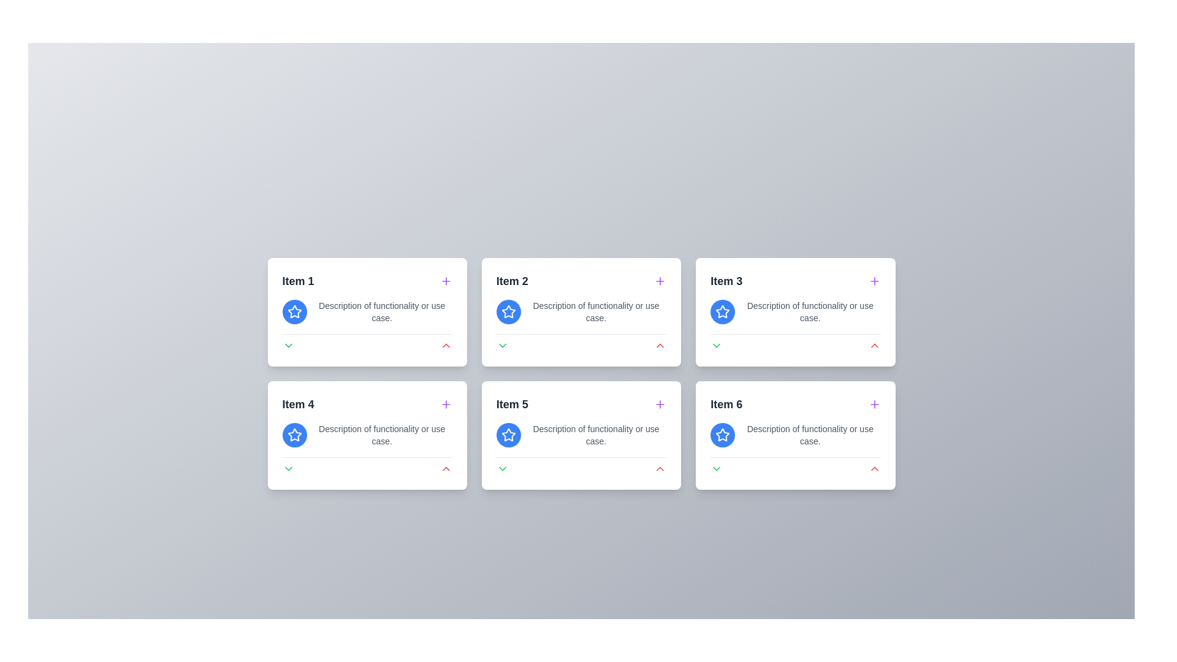  I want to click on the indicator icon located at the top left section of the 'Item 3' card, which serves to convey a special status or function, so click(723, 311).